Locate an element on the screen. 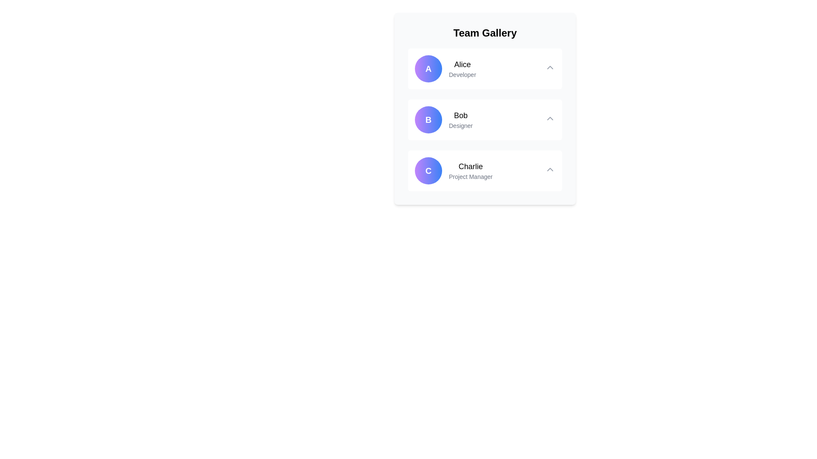 The image size is (817, 459). the small gray triangular icon pointing upward located in the top-right corner of the user card labeled 'Alice' and 'Developer' is located at coordinates (550, 68).